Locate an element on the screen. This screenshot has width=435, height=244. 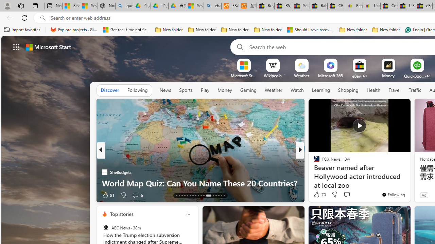
'SheBudgets' is located at coordinates (104, 171).